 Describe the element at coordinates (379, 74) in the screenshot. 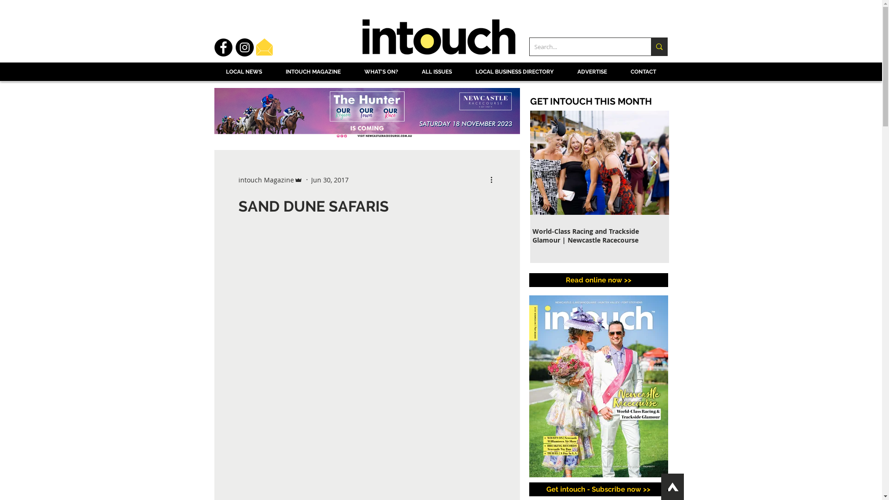

I see `'WHAT'S ON?'` at that location.